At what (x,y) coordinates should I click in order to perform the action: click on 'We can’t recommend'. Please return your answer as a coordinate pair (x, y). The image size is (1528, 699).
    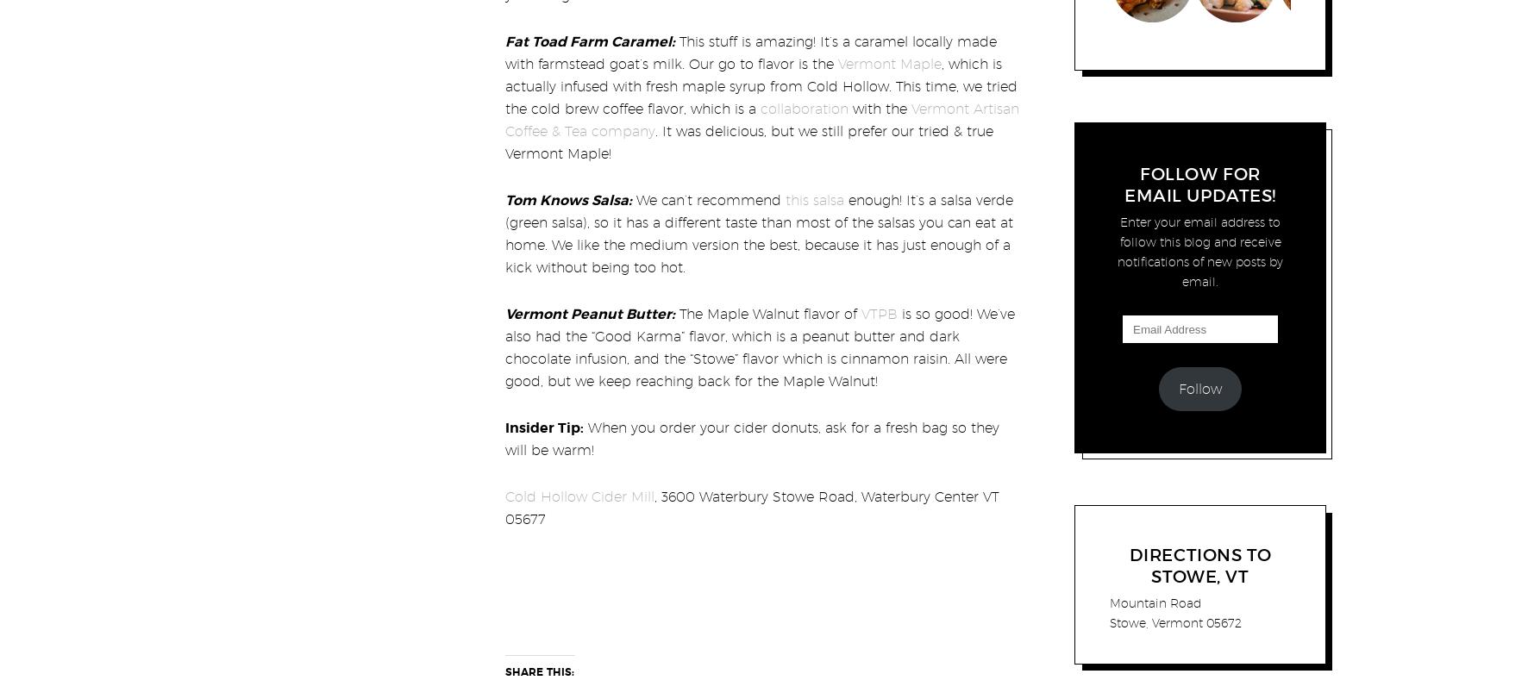
    Looking at the image, I should click on (709, 200).